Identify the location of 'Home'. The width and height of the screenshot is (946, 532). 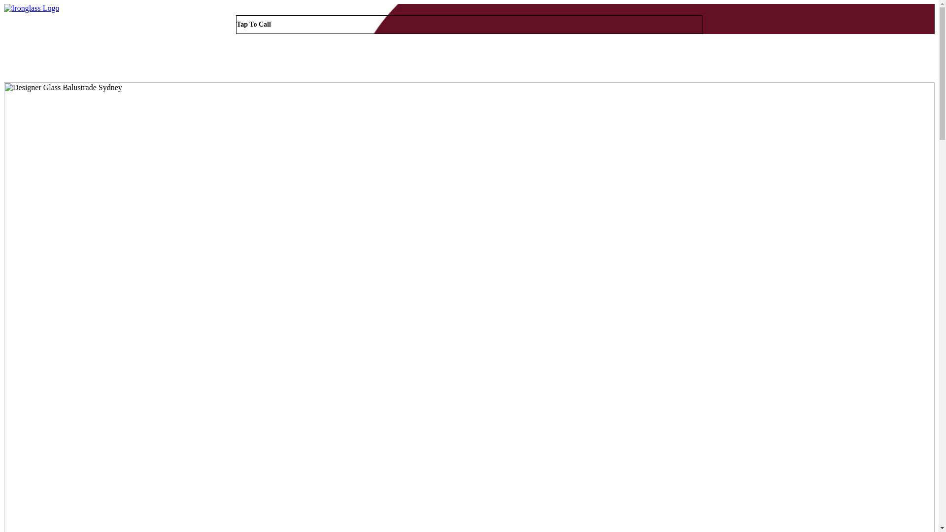
(715, 59).